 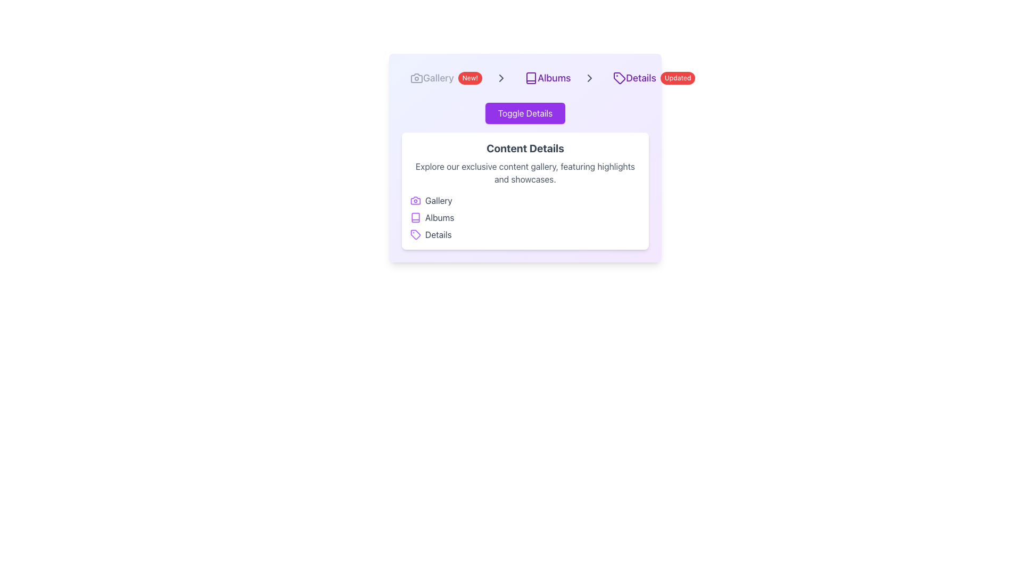 I want to click on the button, so click(x=525, y=113).